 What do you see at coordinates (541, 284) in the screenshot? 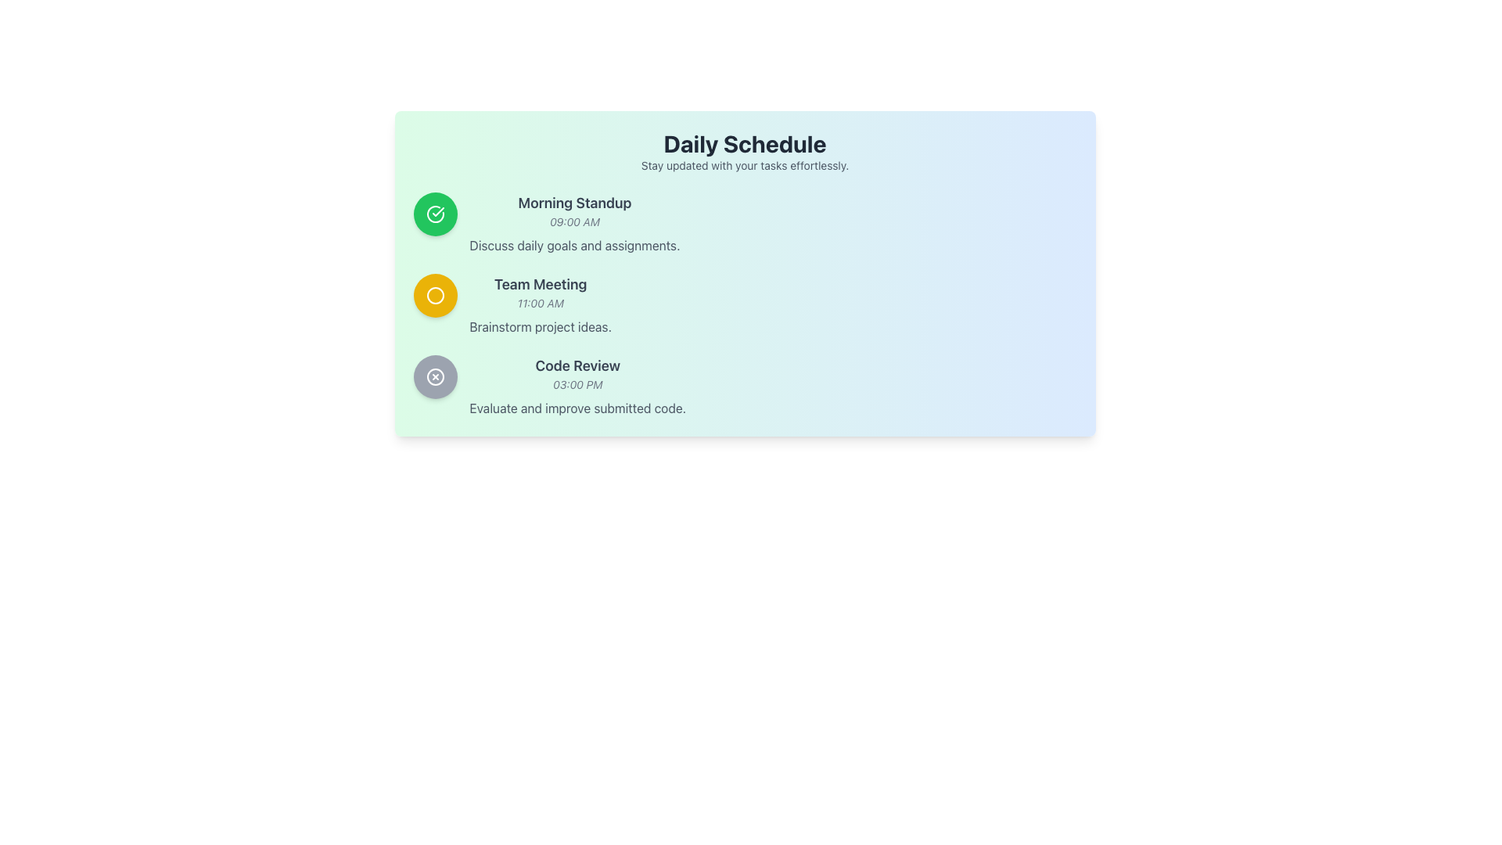
I see `the text label displaying the title of the meeting or event in the schedule interface, which is positioned above '11:00 AM' and 'Brainstorm project ideas.'` at bounding box center [541, 284].